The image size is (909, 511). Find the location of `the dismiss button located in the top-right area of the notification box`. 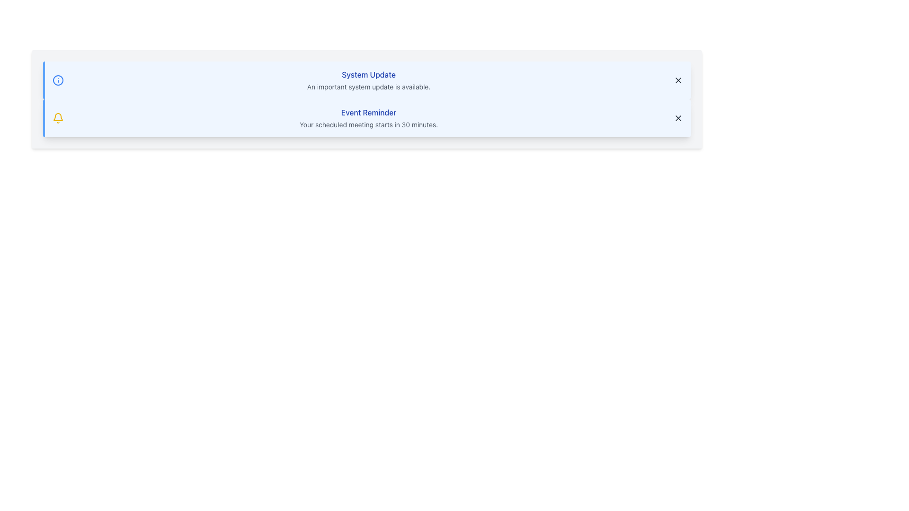

the dismiss button located in the top-right area of the notification box is located at coordinates (678, 118).